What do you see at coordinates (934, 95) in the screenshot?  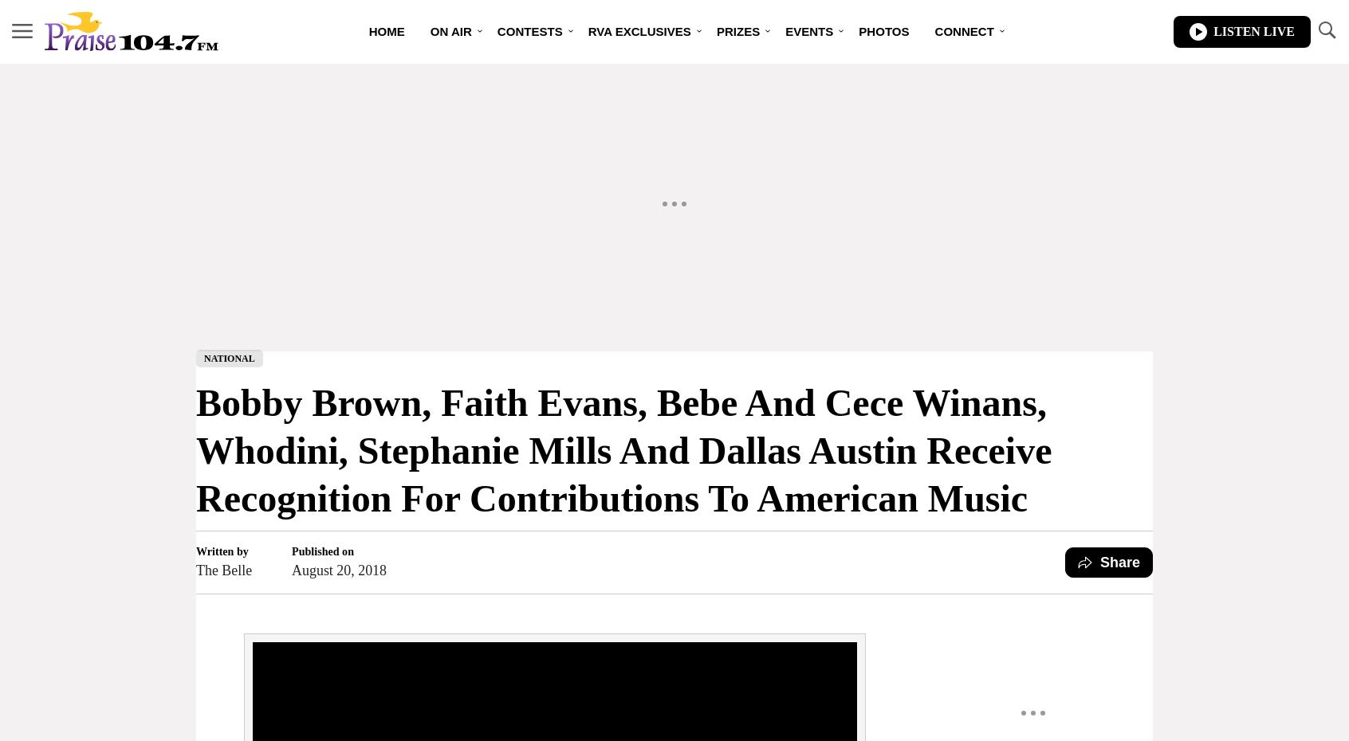 I see `'Contest Rules'` at bounding box center [934, 95].